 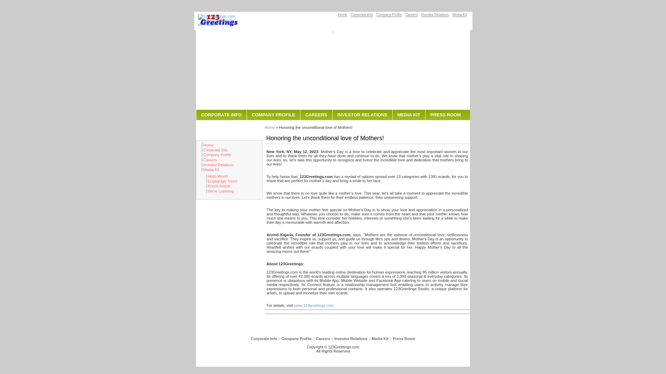 What do you see at coordinates (445, 114) in the screenshot?
I see `'PRESS ROOM'` at bounding box center [445, 114].